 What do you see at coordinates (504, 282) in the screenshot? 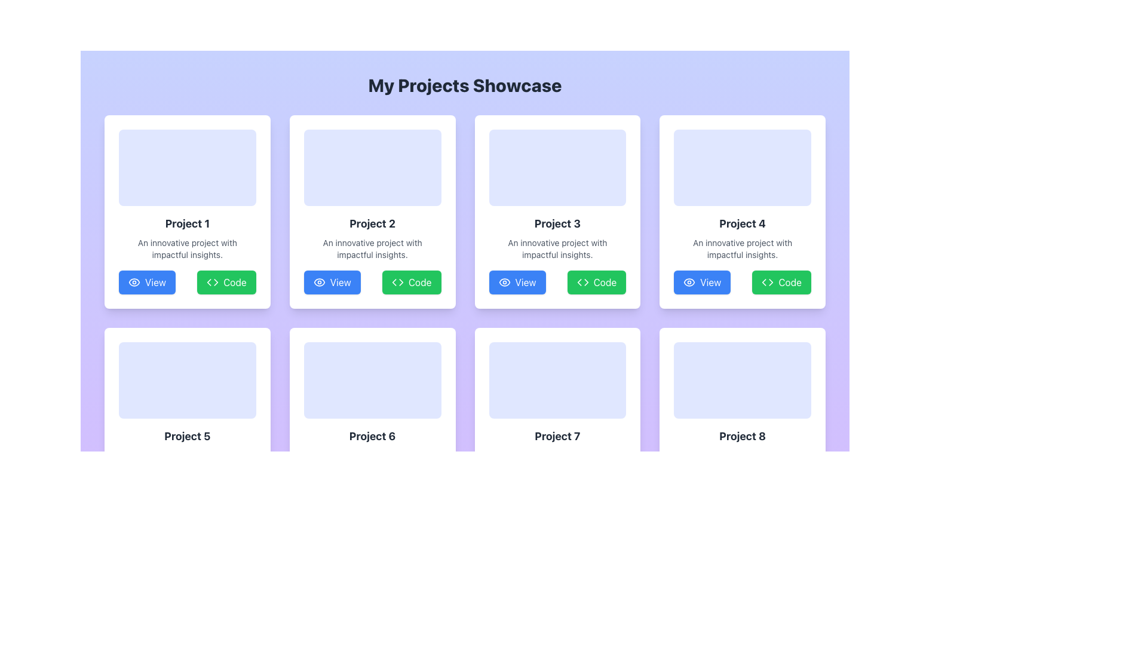
I see `the 'View' icon in the button labeled 'View' for 'Project 3' located in the third column of the first row of the grid layout` at bounding box center [504, 282].